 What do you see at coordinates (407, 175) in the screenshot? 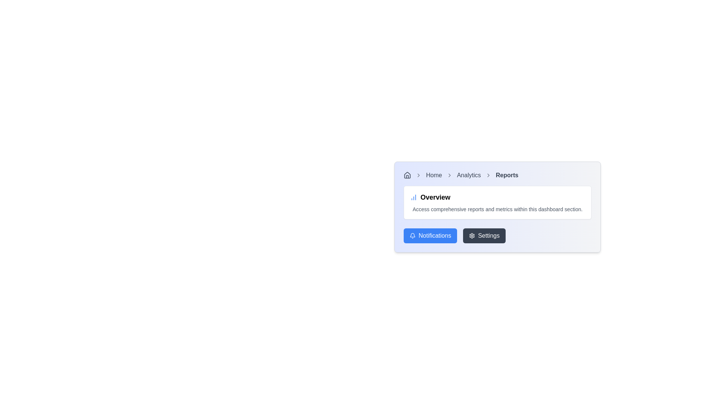
I see `the small house icon representing the 'Home' section in the breadcrumb navigation bar` at bounding box center [407, 175].